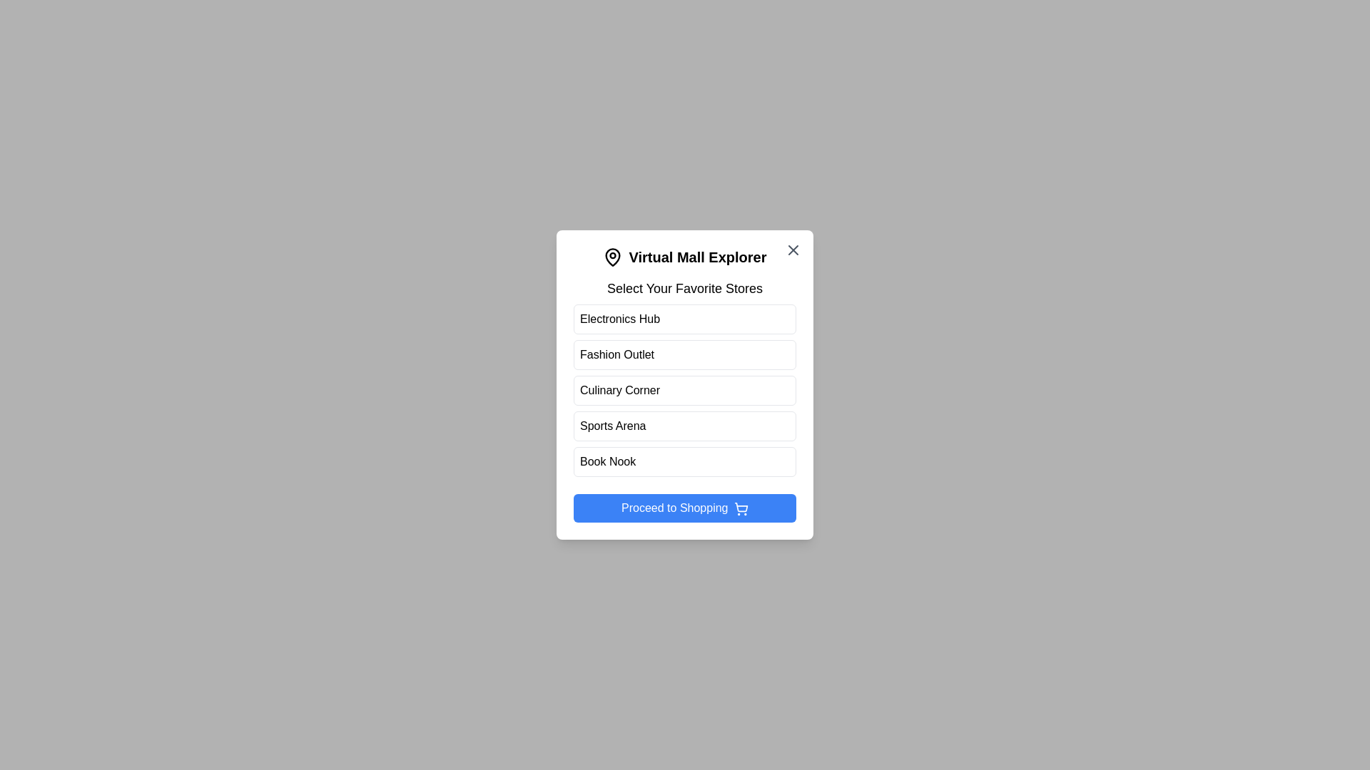 The image size is (1370, 770). Describe the element at coordinates (741, 508) in the screenshot. I see `the shopping icon located on the right side of the 'Proceed to Shopping' button` at that location.